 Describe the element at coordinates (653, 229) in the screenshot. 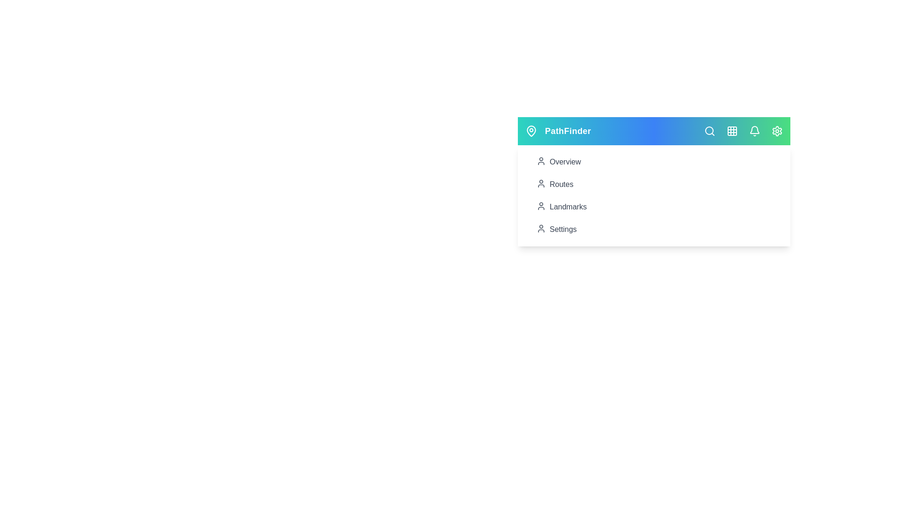

I see `the 'Settings' menu item in the navigation menu` at that location.